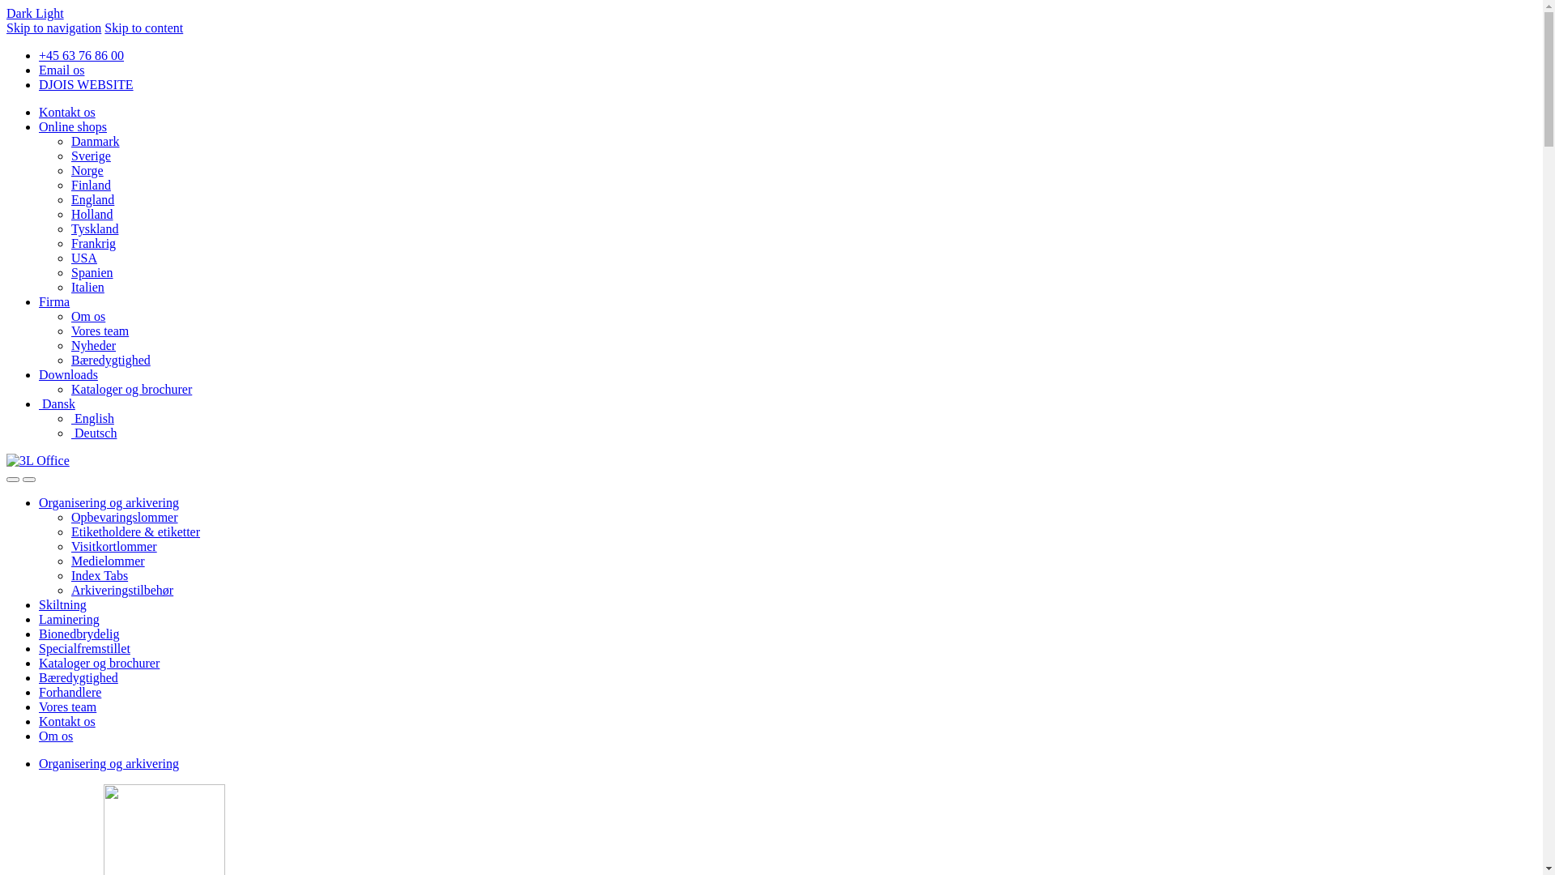 Image resolution: width=1555 pixels, height=875 pixels. What do you see at coordinates (62, 69) in the screenshot?
I see `'Email os'` at bounding box center [62, 69].